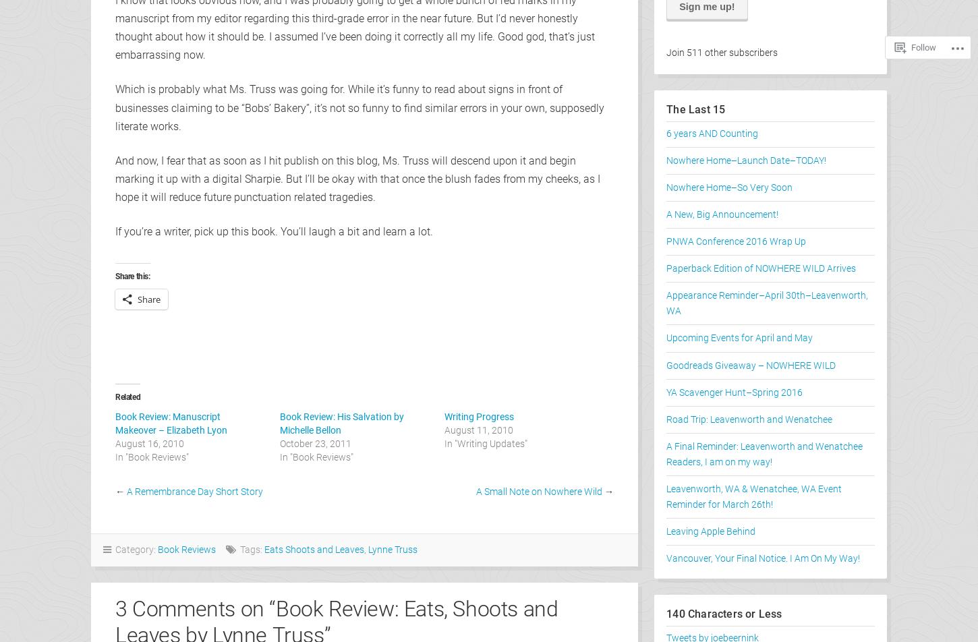 This screenshot has height=642, width=978. What do you see at coordinates (762, 558) in the screenshot?
I see `'Vancouver, Your Final Notice. I Am On My Way!'` at bounding box center [762, 558].